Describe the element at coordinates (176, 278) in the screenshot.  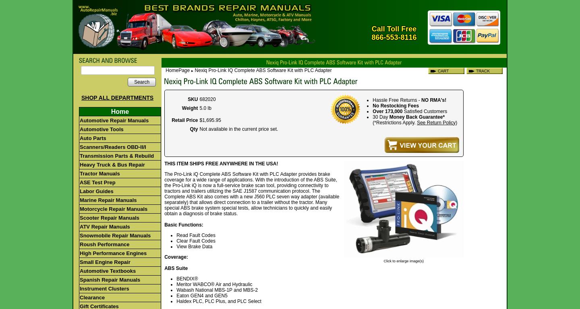
I see `'BENDIX®'` at that location.